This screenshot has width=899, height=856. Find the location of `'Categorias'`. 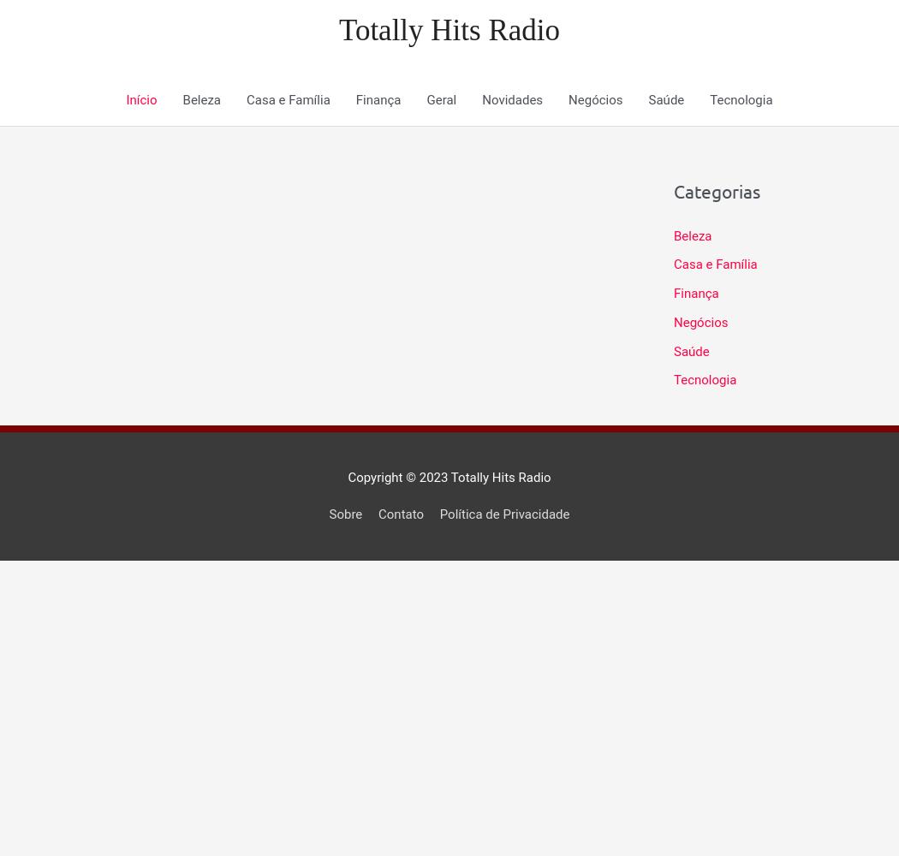

'Categorias' is located at coordinates (717, 190).